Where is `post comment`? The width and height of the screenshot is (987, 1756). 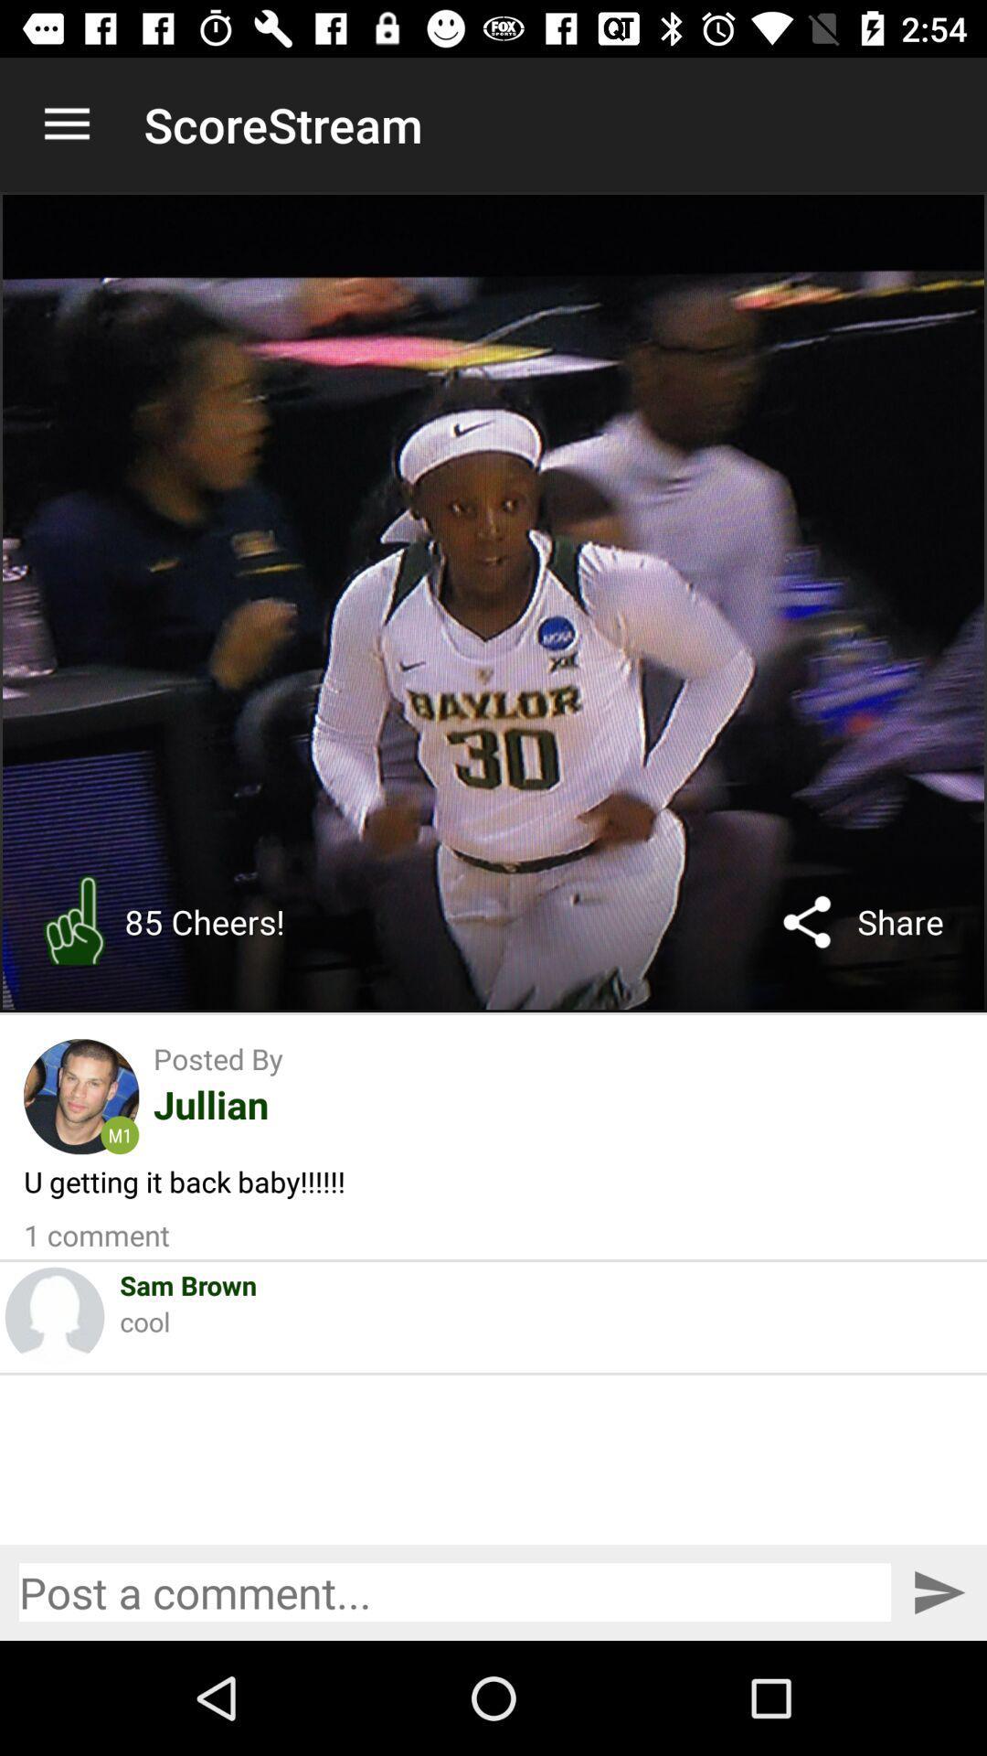 post comment is located at coordinates (939, 1591).